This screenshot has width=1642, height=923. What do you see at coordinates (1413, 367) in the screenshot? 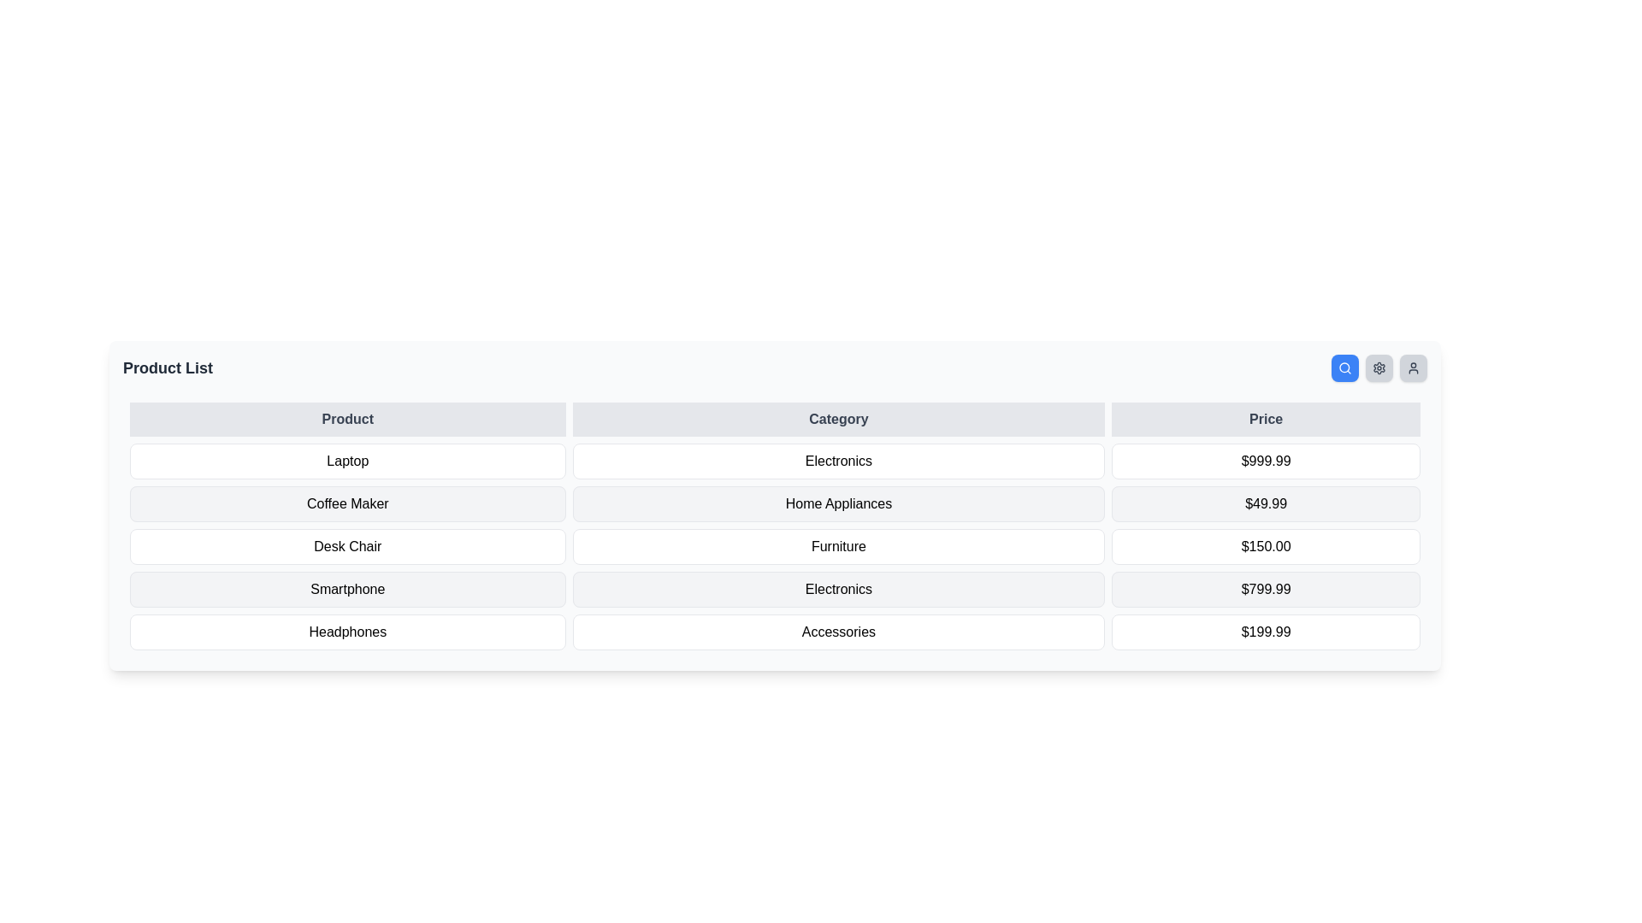
I see `the user profile button located in the top-right corner of the interface, which is the fourth button in the row` at bounding box center [1413, 367].